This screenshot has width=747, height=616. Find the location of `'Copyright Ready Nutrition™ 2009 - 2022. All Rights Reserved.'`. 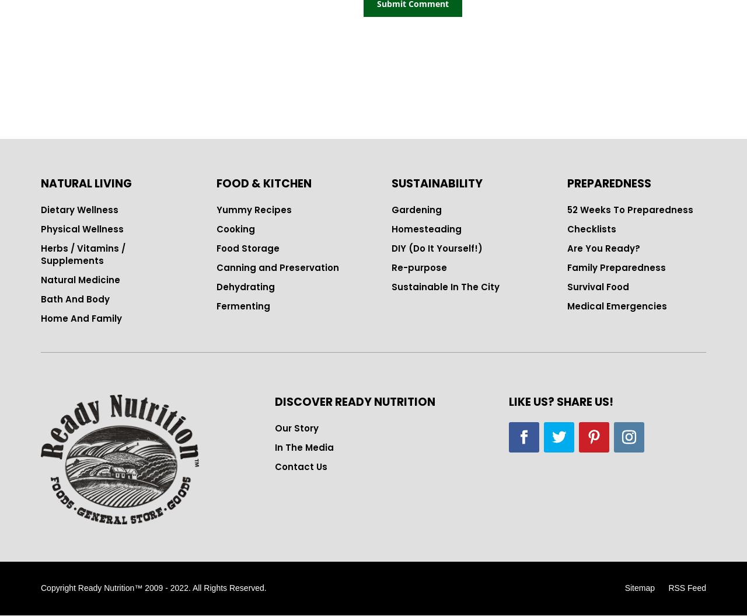

'Copyright Ready Nutrition™ 2009 - 2022. All Rights Reserved.' is located at coordinates (153, 587).